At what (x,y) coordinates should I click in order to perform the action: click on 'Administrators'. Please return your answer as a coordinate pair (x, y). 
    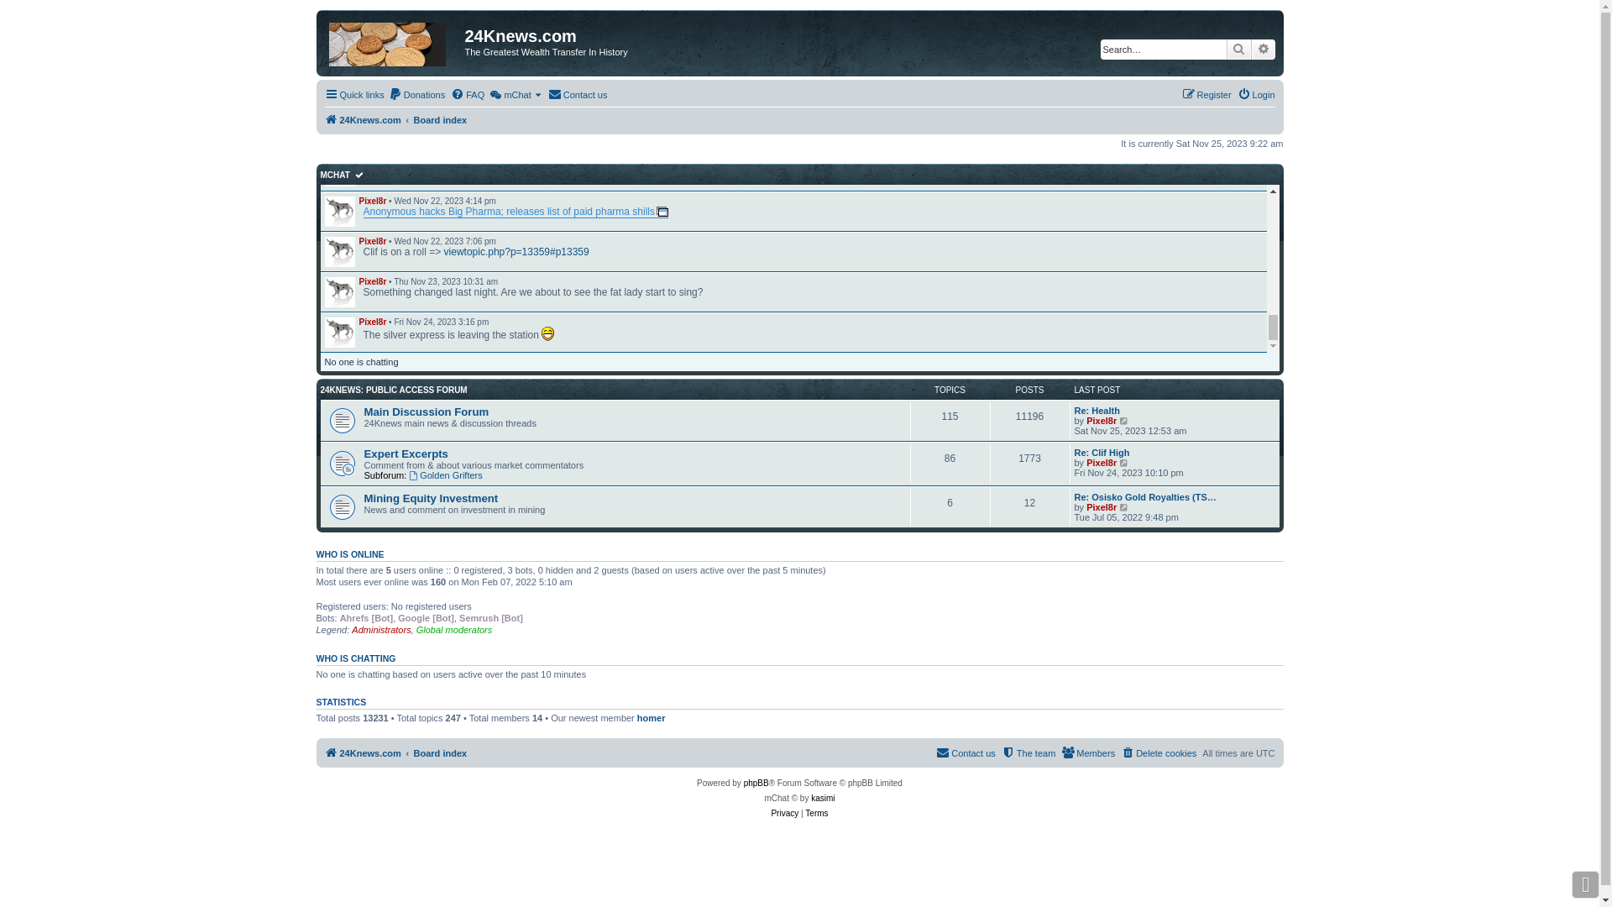
    Looking at the image, I should click on (350, 629).